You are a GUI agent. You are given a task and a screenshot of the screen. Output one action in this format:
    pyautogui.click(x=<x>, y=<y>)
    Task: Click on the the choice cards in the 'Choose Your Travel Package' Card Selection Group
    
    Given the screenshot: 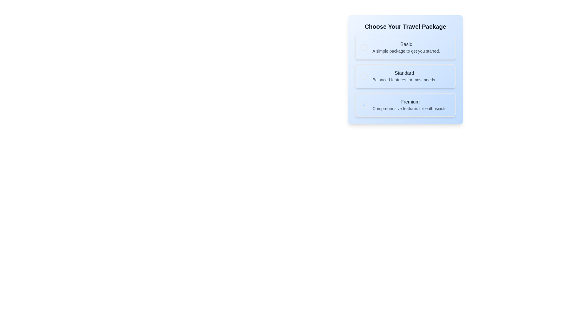 What is the action you would take?
    pyautogui.click(x=405, y=69)
    